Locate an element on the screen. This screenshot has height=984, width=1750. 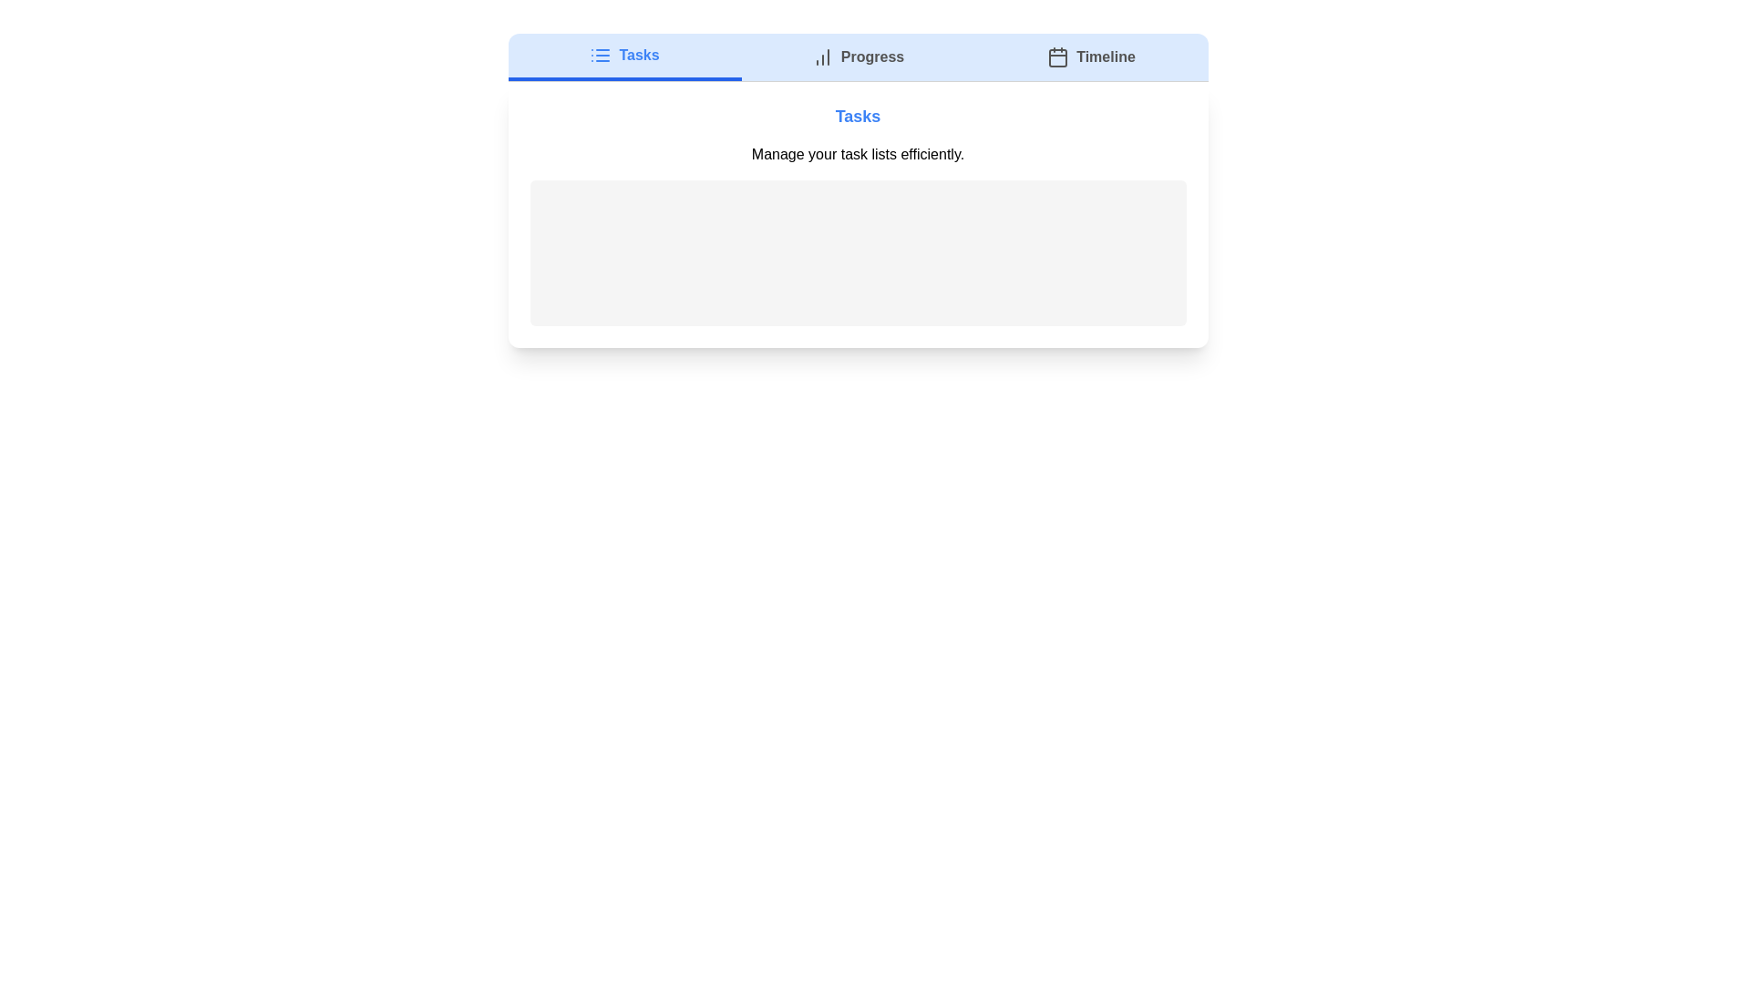
the icon representing the 'Tasks' tab, which consists of three horizontal lines with circular markers on the left, located in the tabbed navigation bar at the top of the interface is located at coordinates (601, 55).